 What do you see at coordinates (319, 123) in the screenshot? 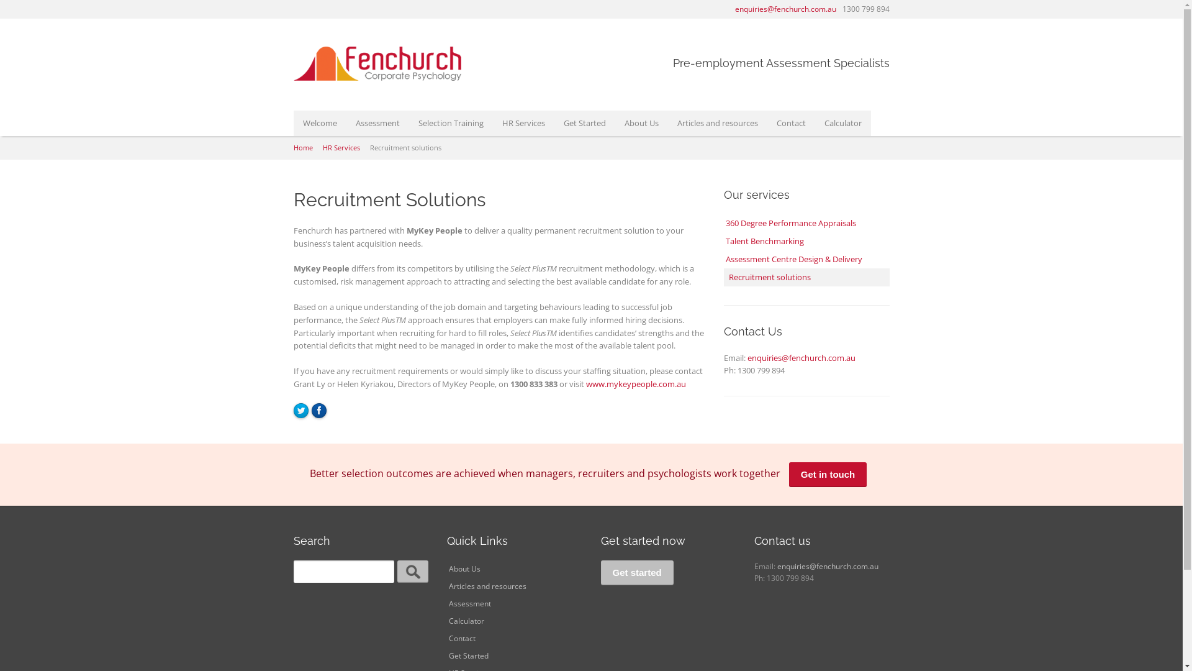
I see `'Welcome'` at bounding box center [319, 123].